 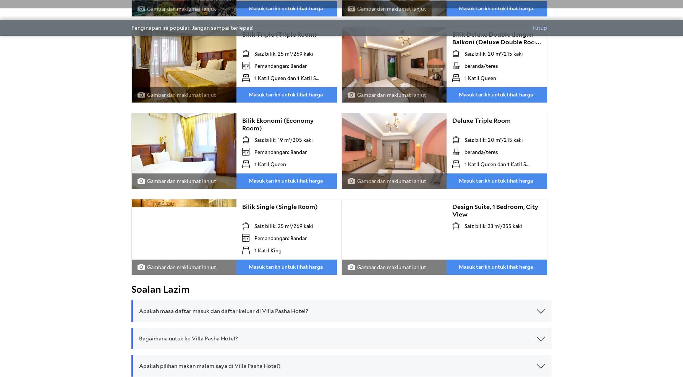 What do you see at coordinates (131, 289) in the screenshot?
I see `'Soalan Lazim'` at bounding box center [131, 289].